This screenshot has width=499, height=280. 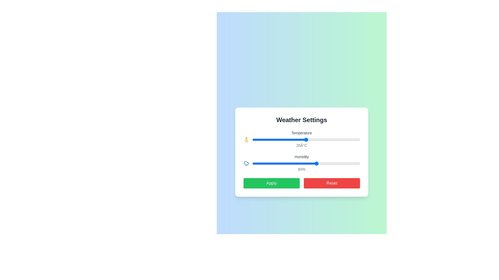 I want to click on the slider value, so click(x=277, y=164).